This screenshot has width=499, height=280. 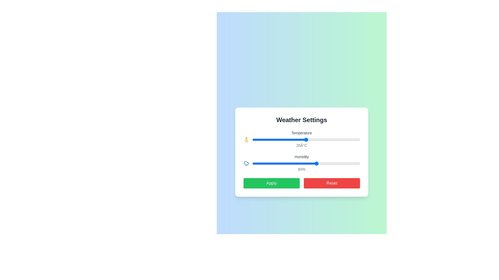 I want to click on the slider value, so click(x=277, y=164).